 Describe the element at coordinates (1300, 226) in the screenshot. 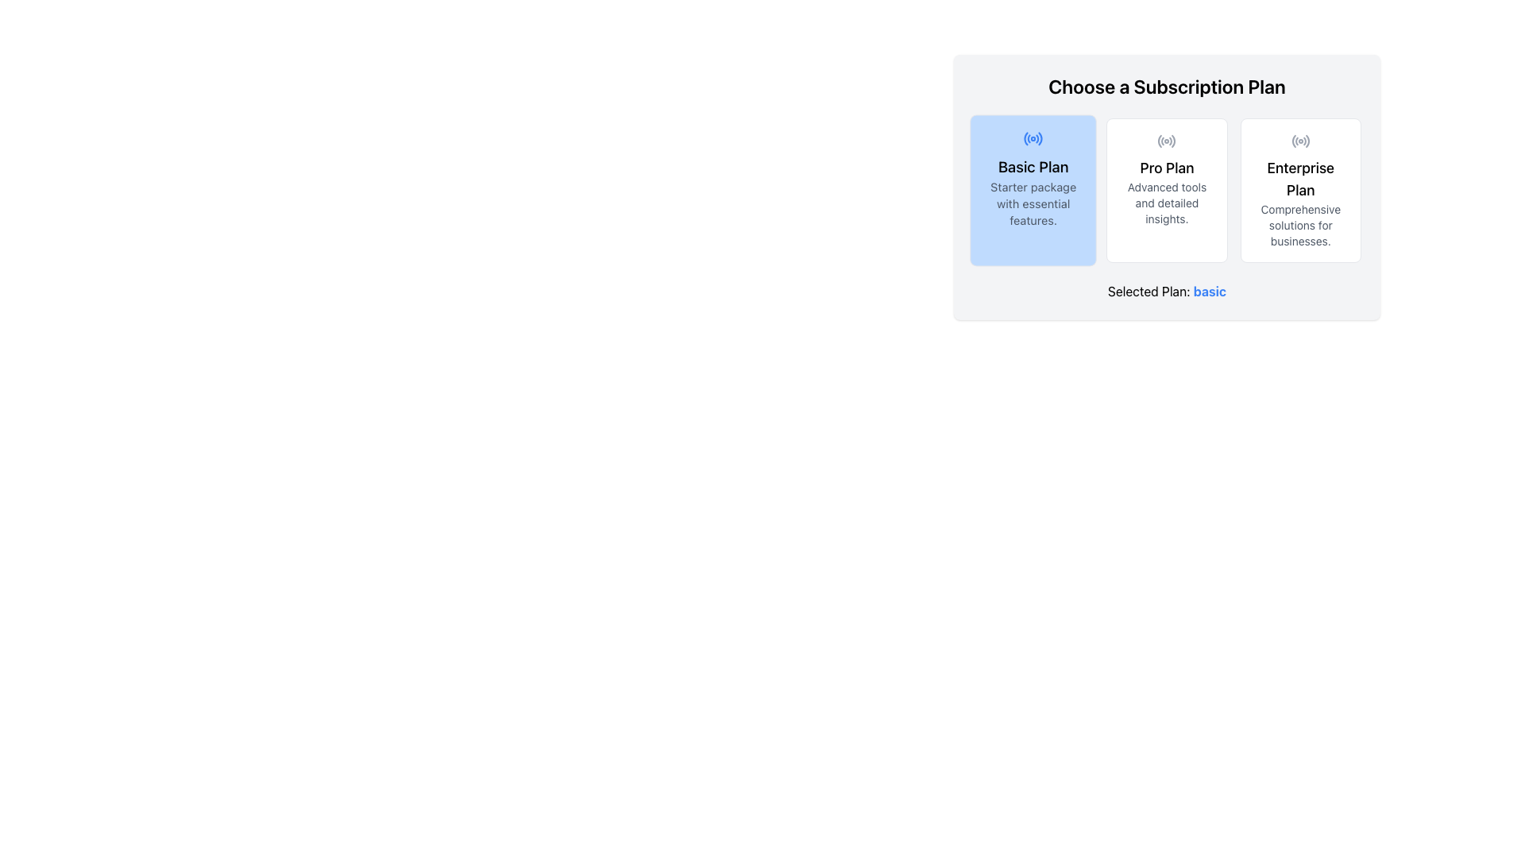

I see `clarification text label located beneath the 'Enterprise Plan' heading in the rightmost subscription option` at that location.